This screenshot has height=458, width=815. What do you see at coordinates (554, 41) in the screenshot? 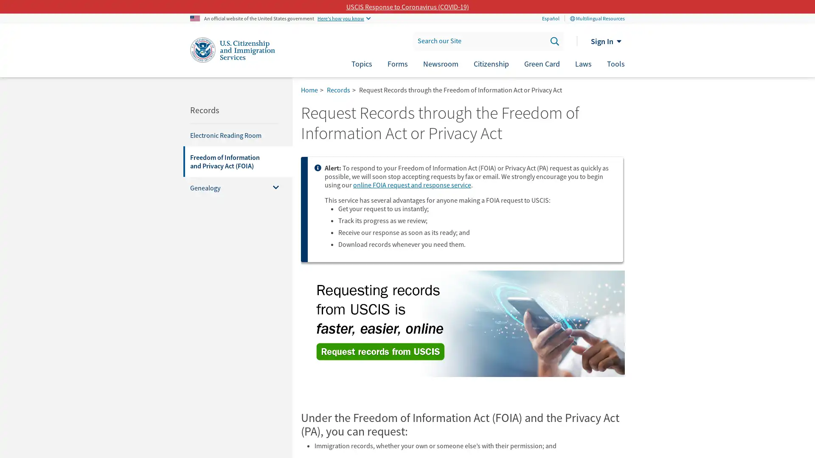
I see `Search` at bounding box center [554, 41].